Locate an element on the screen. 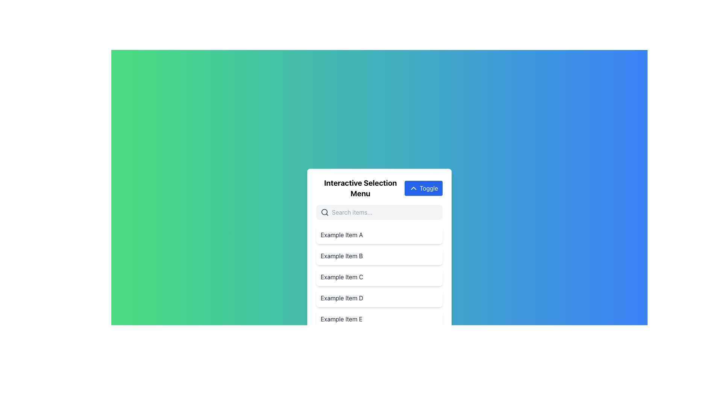 The image size is (722, 406). the second list item labeled 'Example Item B' is located at coordinates (379, 253).